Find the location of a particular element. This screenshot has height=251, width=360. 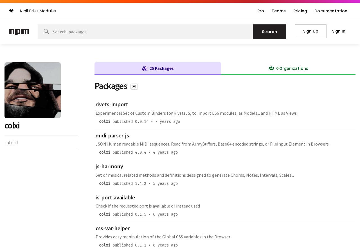

'4 years ago' is located at coordinates (153, 152).